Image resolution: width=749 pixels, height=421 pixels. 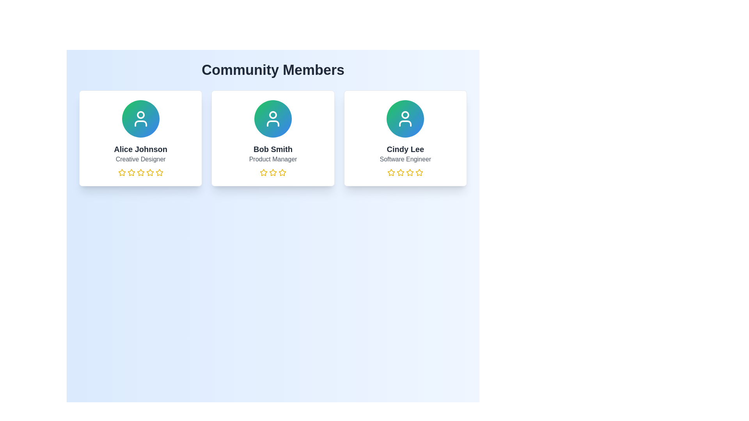 I want to click on the static text element displaying 'Software Engineer', which is styled in gray and positioned below 'Cindy Lee' in the third card from the left, so click(x=405, y=159).